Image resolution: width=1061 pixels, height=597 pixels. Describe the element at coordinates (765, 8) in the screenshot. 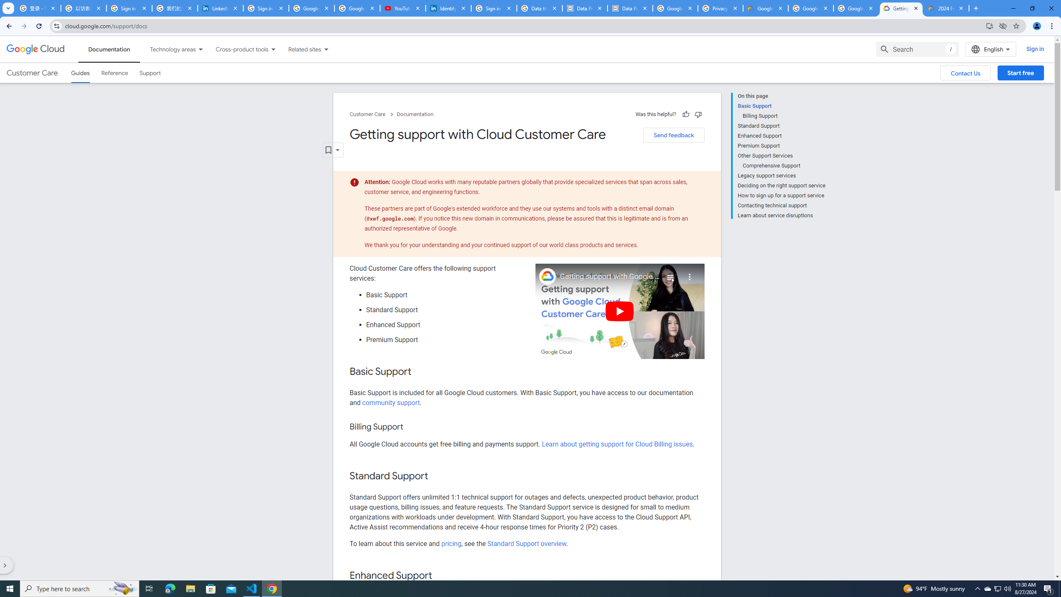

I see `'Google Cloud Terms Directory | Google Cloud'` at that location.